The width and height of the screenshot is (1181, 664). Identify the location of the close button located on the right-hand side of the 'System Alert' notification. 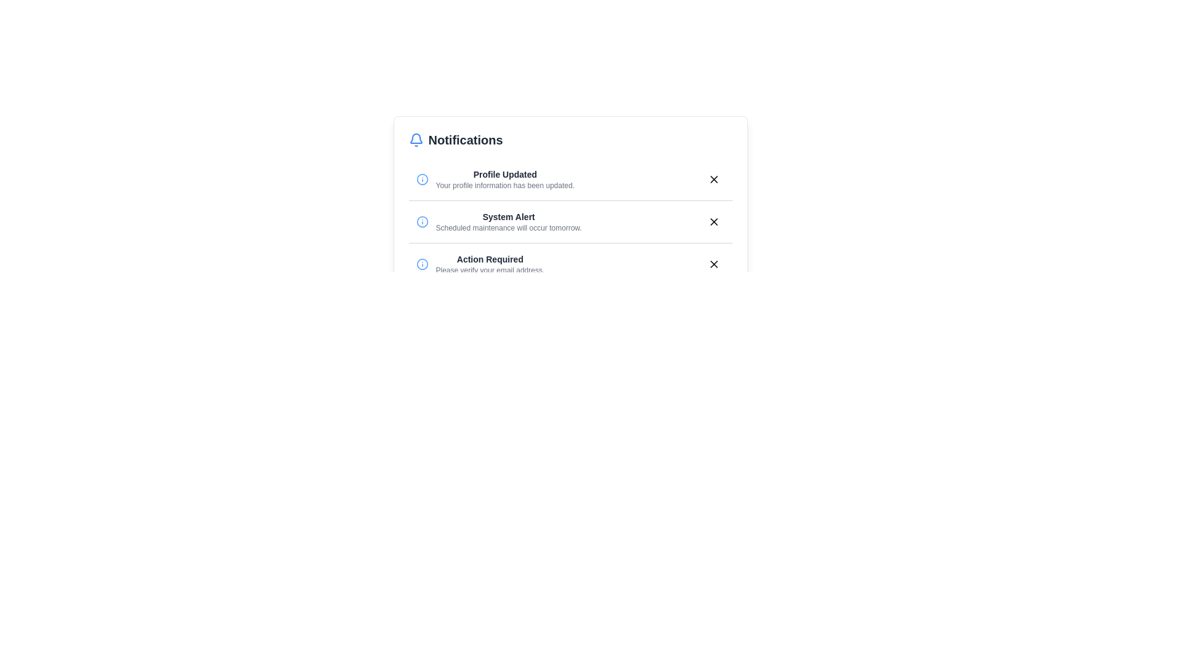
(714, 222).